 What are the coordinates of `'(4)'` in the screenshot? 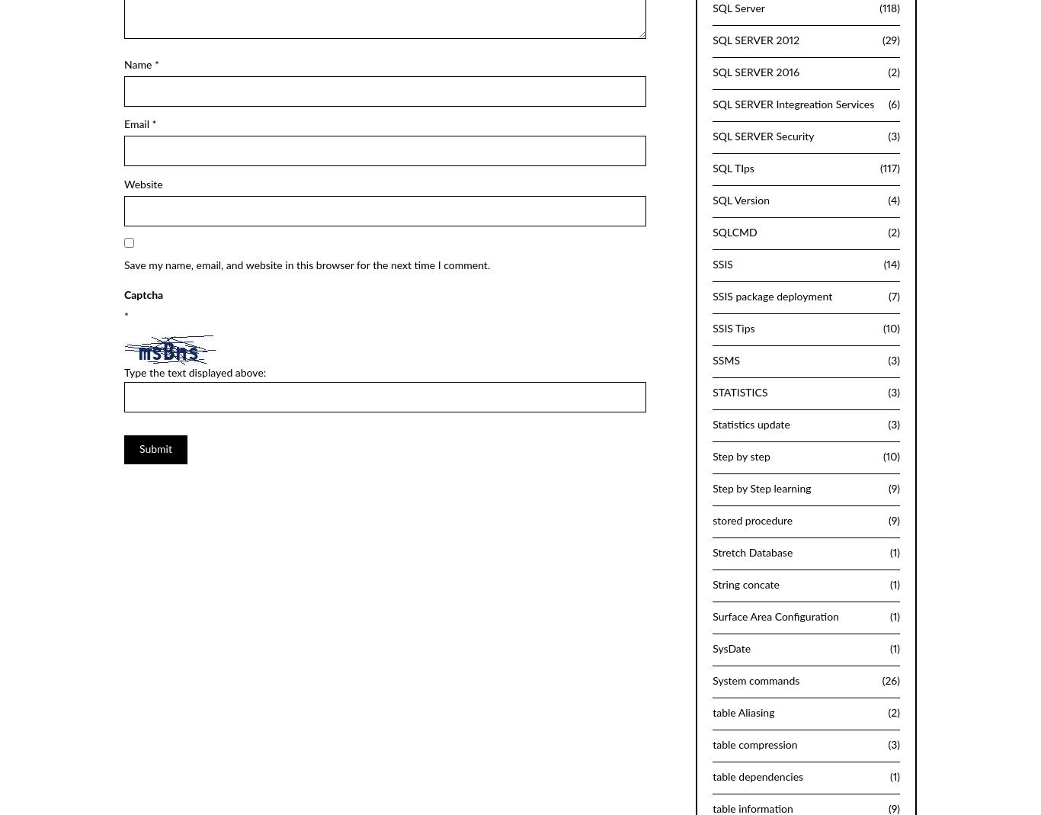 It's located at (893, 199).